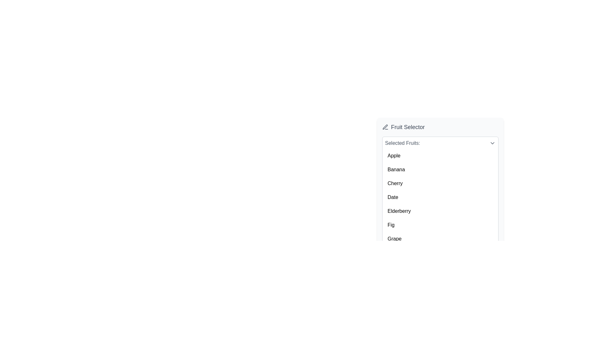 This screenshot has height=340, width=605. What do you see at coordinates (440, 211) in the screenshot?
I see `the 'Elderberry' menu item in the dropdown menu titled 'Selected Fruits'` at bounding box center [440, 211].